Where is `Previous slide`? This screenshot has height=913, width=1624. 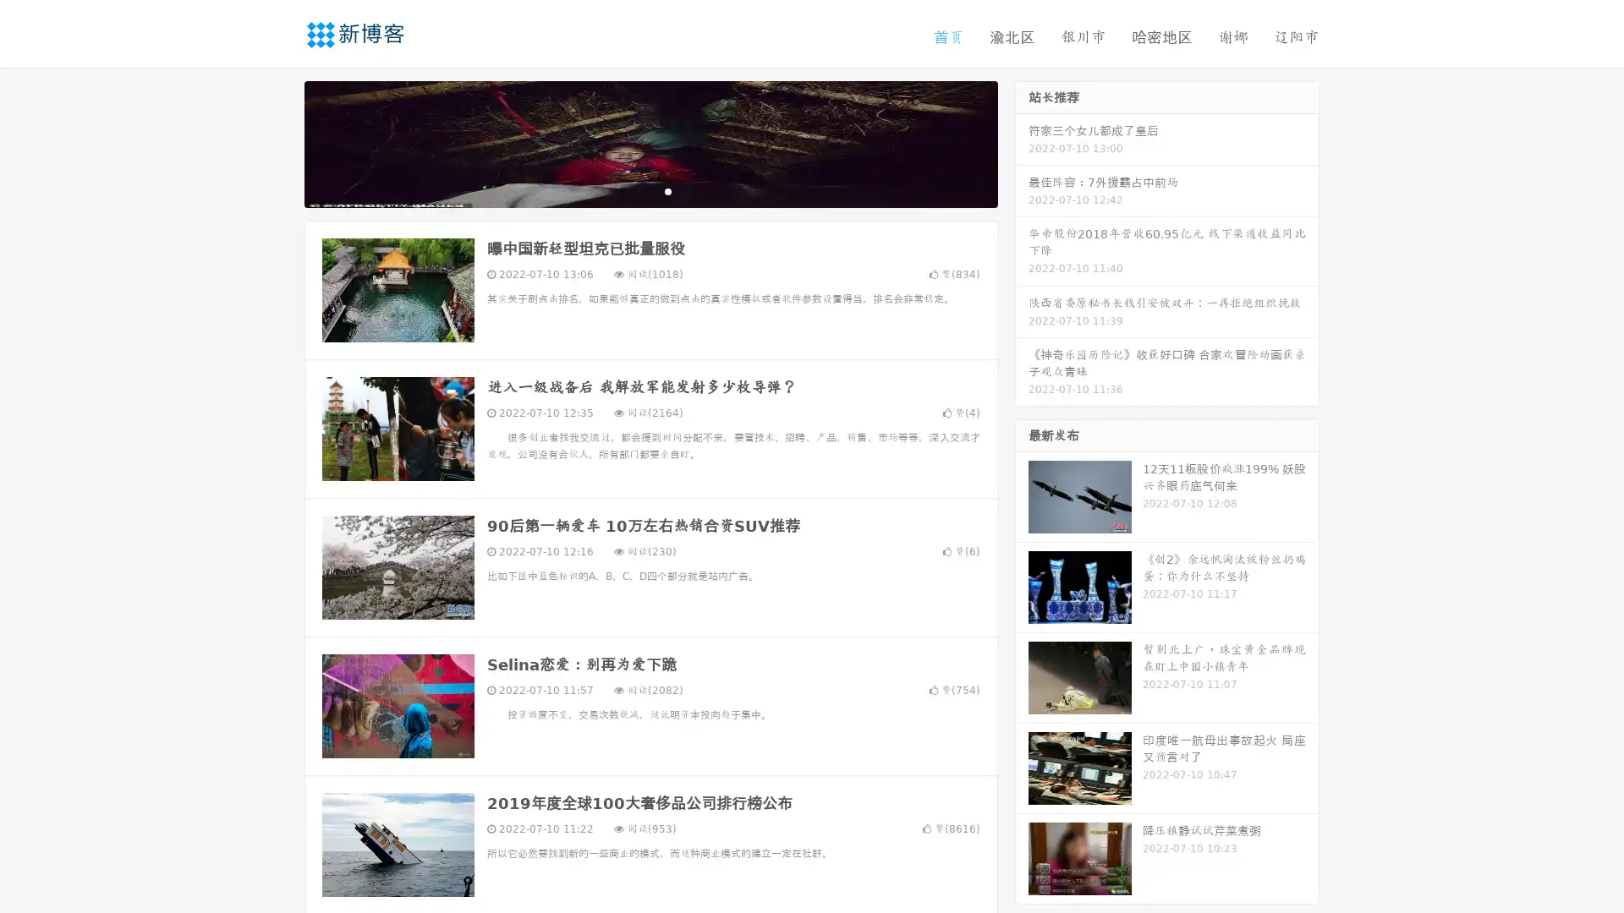
Previous slide is located at coordinates (279, 142).